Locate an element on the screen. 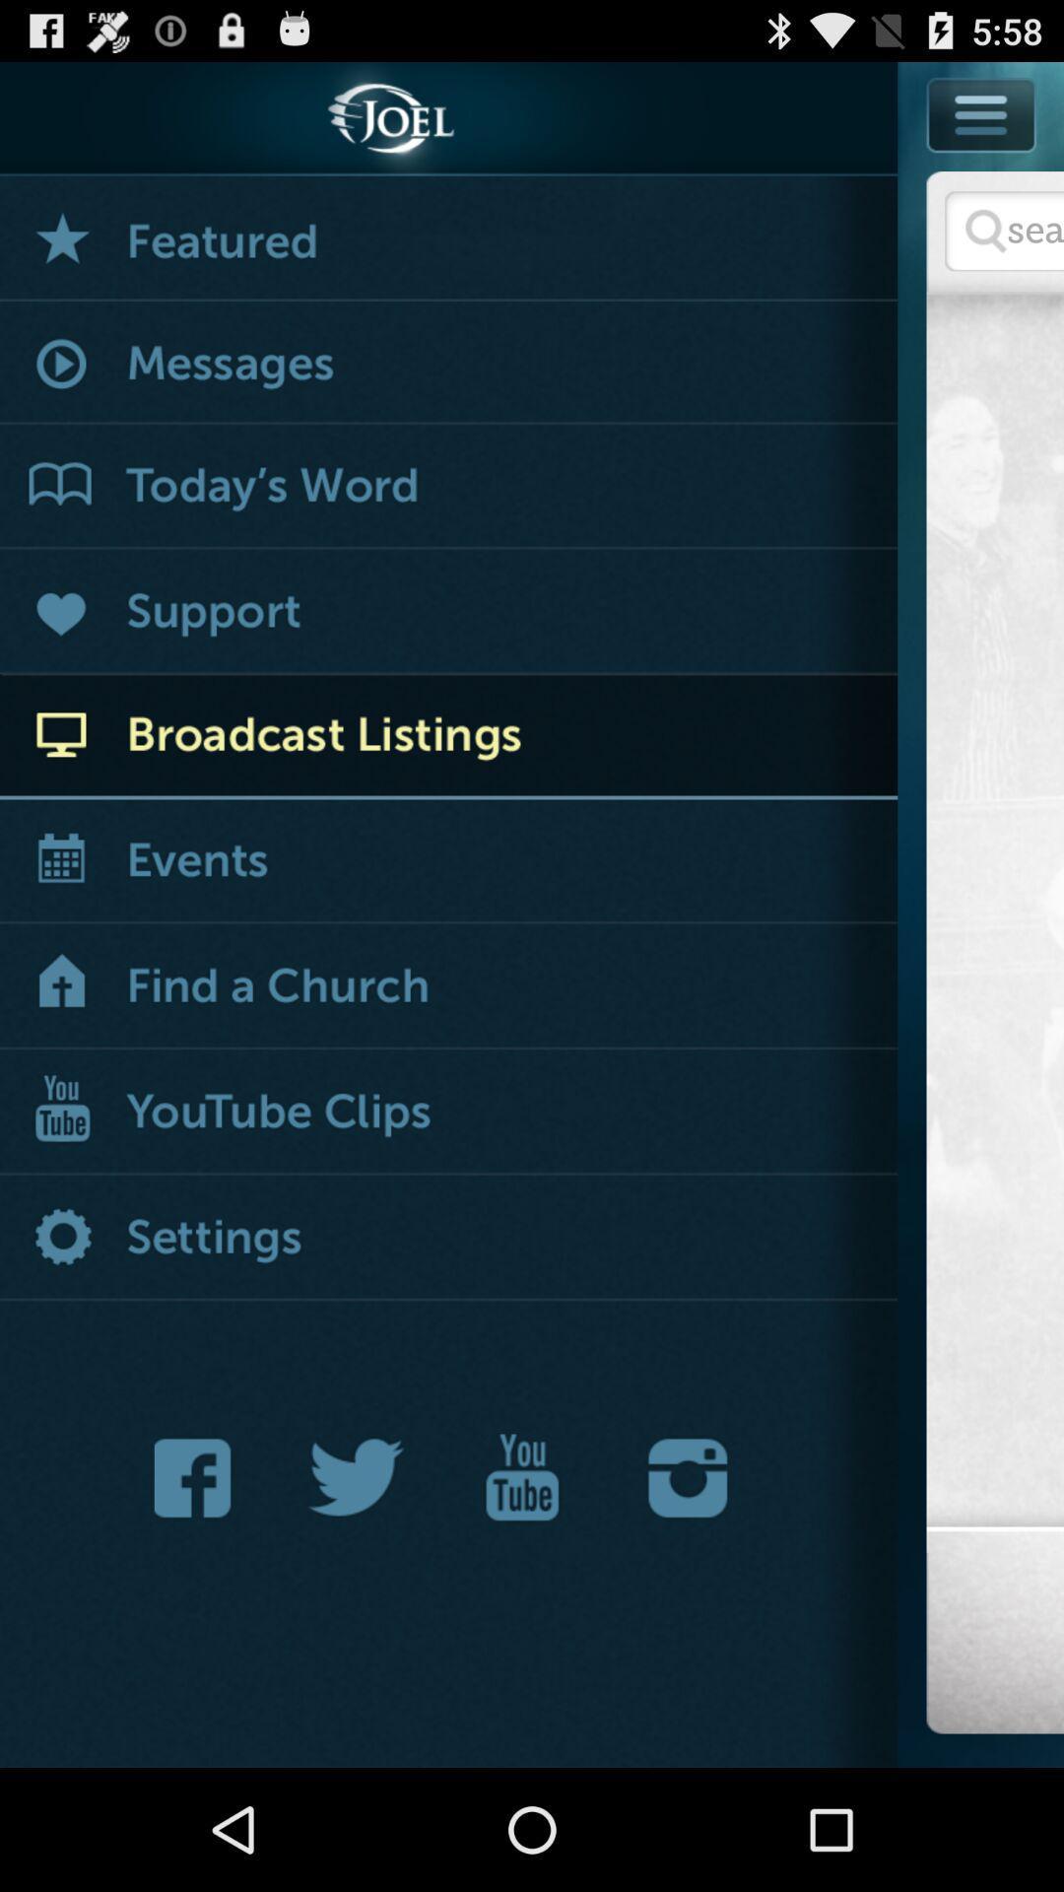  find a church option is located at coordinates (448, 987).